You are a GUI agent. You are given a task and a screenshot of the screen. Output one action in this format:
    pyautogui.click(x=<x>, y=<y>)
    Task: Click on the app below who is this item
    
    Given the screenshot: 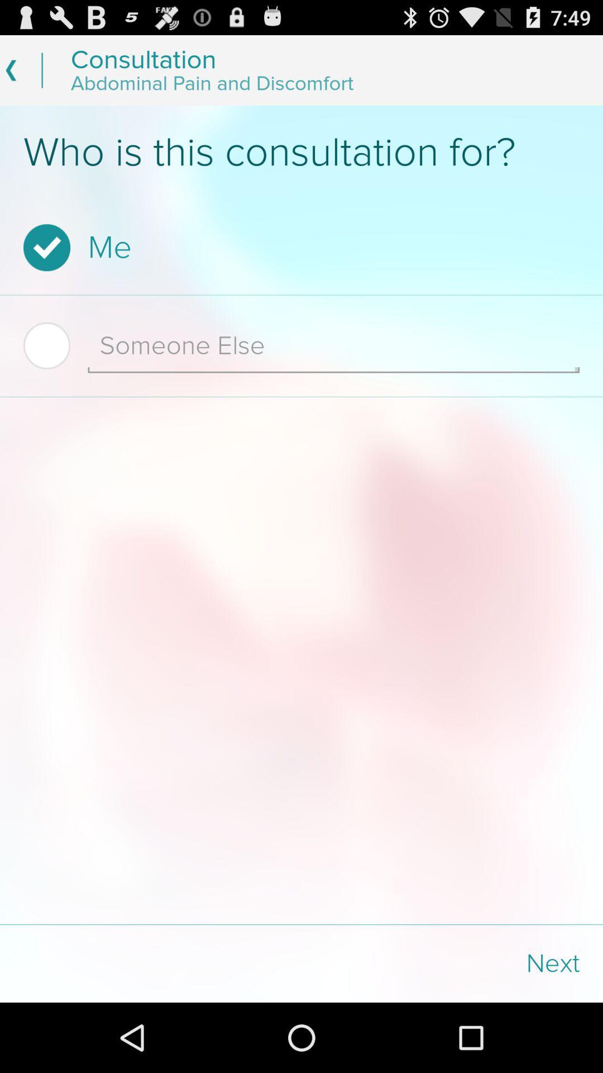 What is the action you would take?
    pyautogui.click(x=298, y=247)
    